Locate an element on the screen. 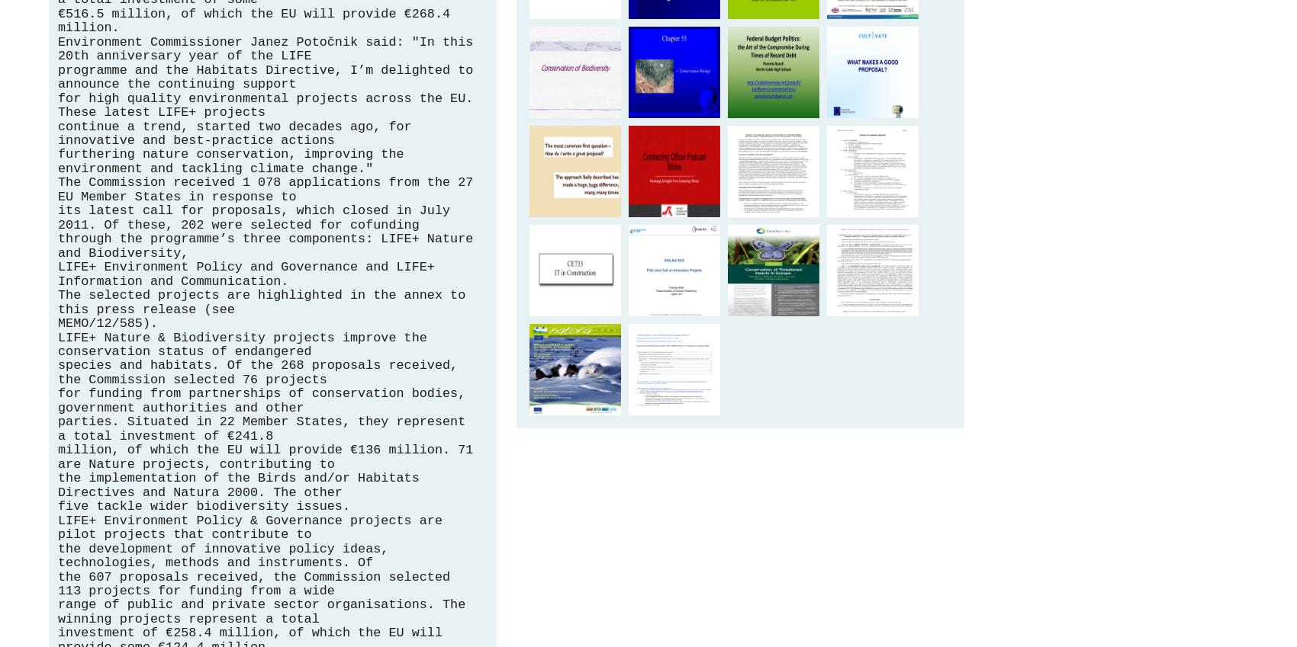 The image size is (1297, 647). 'proposal zone - Skyway Acquisition Solutions' is located at coordinates (645, 173).